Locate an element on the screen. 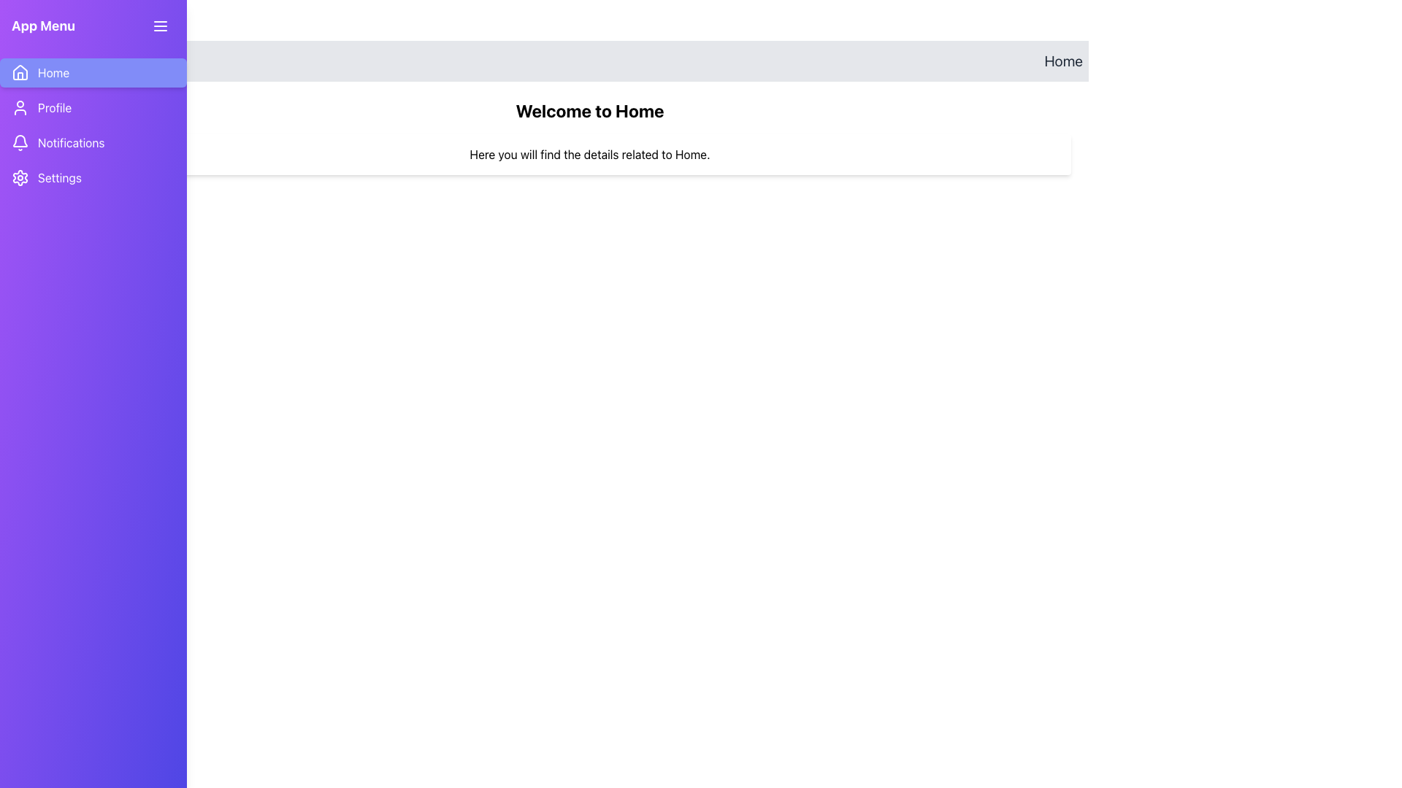  the informational text block located below the 'Welcome to Home' title, which provides details about the 'Home' section is located at coordinates (589, 155).